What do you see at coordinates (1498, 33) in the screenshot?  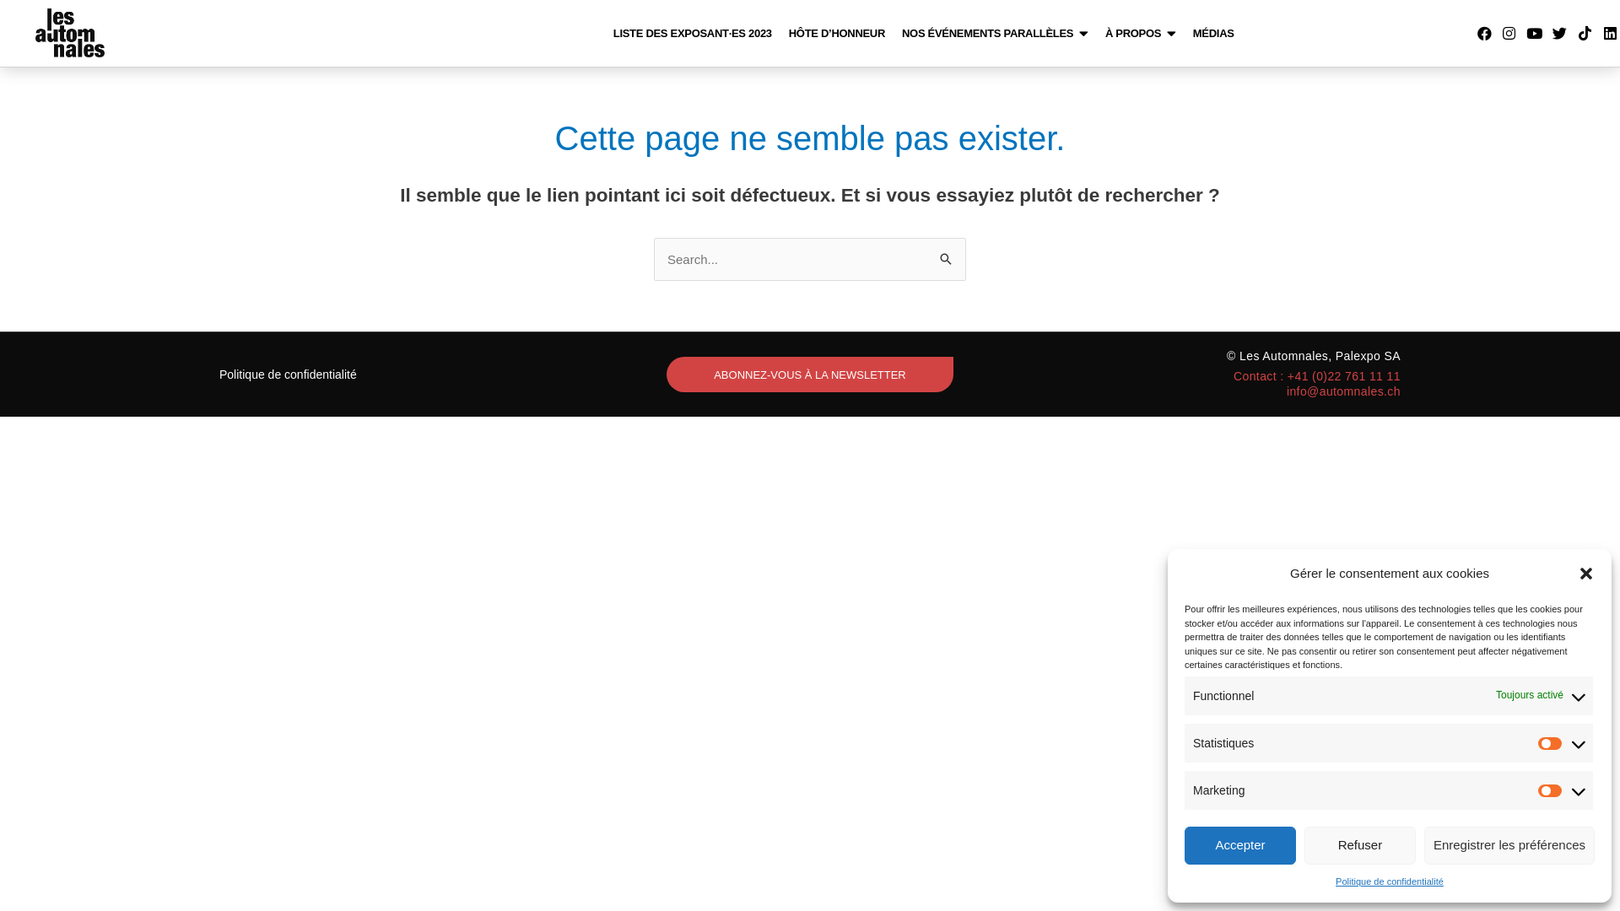 I see `'Instagram'` at bounding box center [1498, 33].